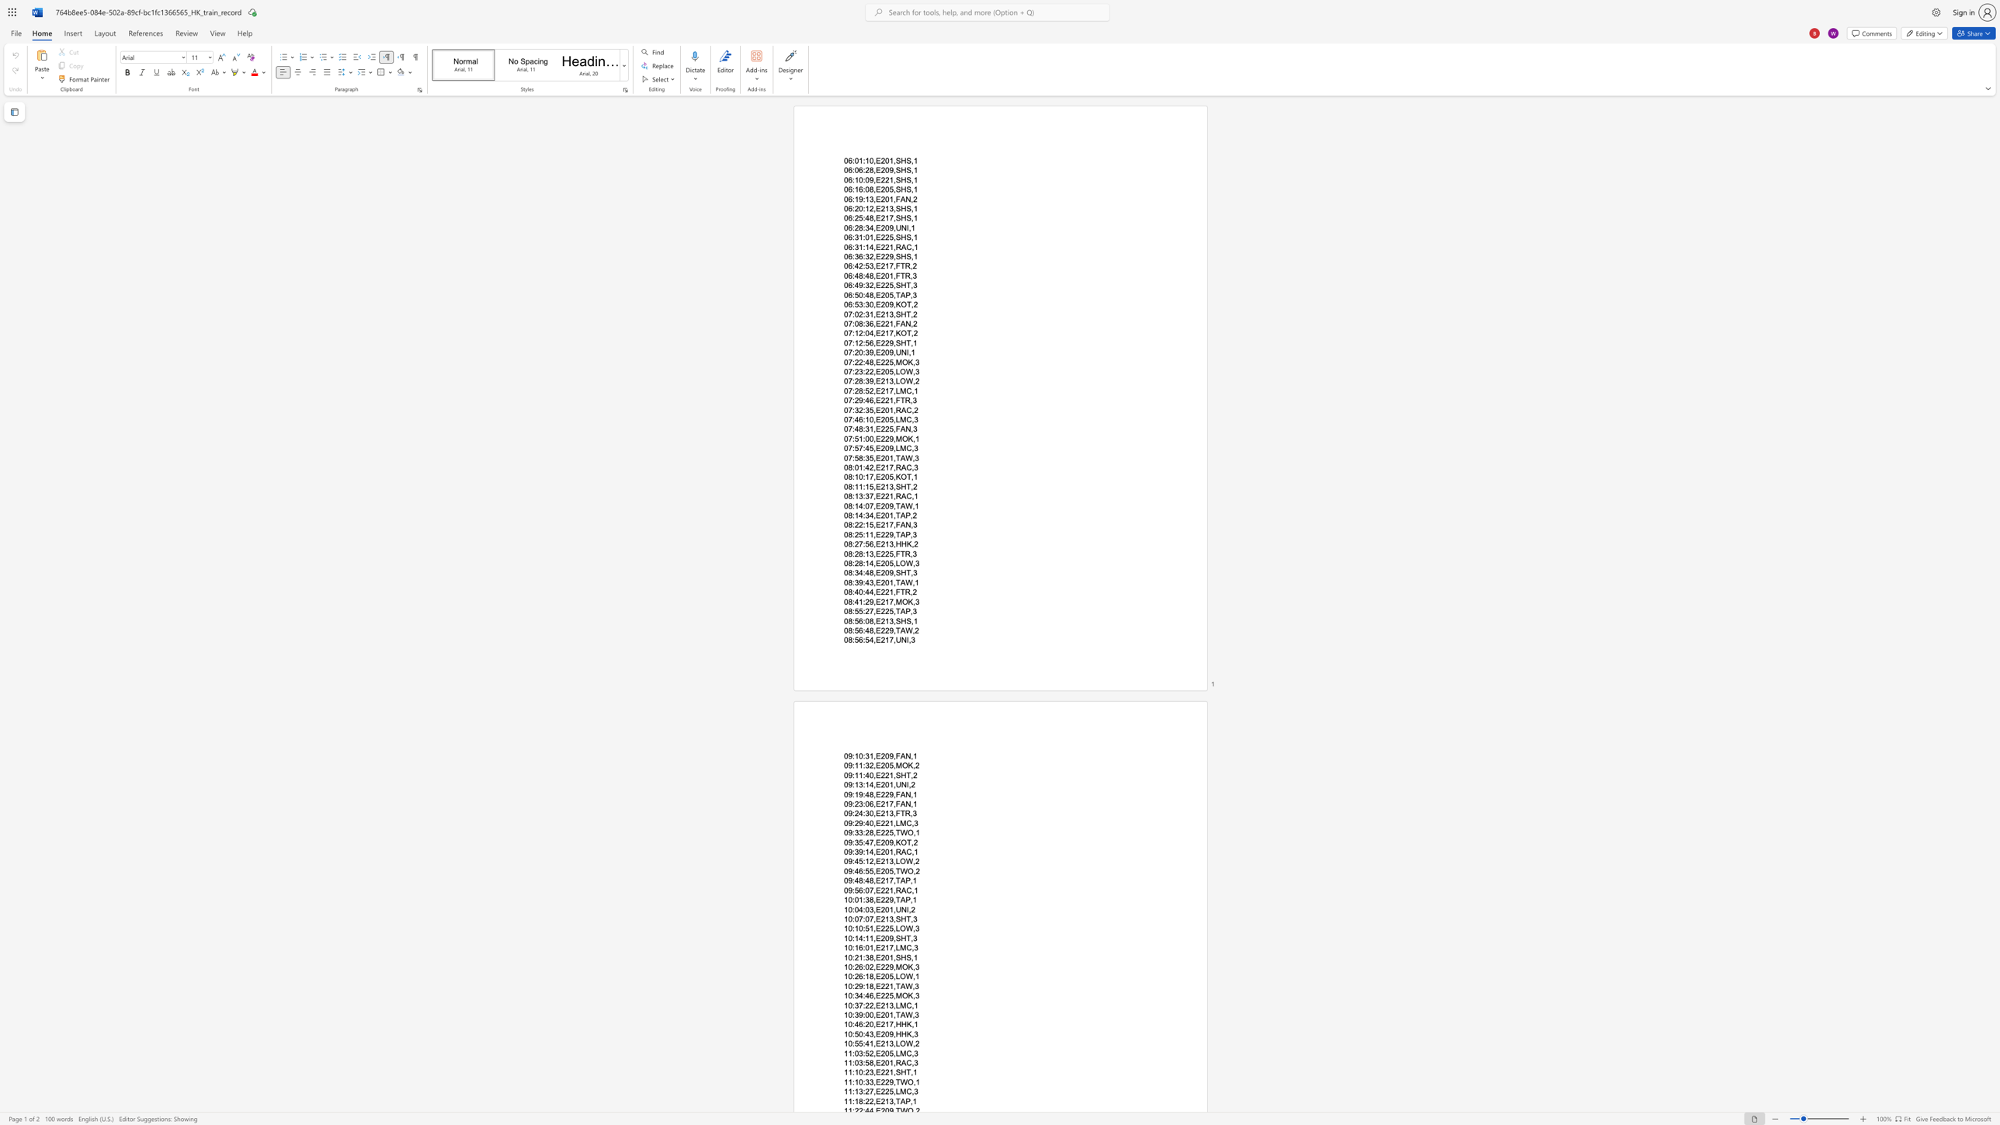  Describe the element at coordinates (848, 630) in the screenshot. I see `the space between the continuous character "0" and "8" in the text` at that location.